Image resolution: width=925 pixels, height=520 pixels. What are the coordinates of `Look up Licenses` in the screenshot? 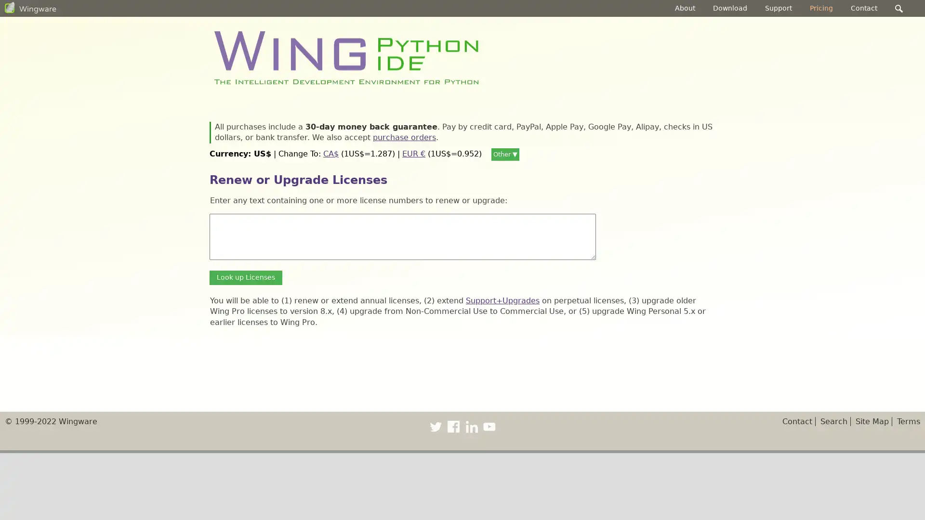 It's located at (246, 277).